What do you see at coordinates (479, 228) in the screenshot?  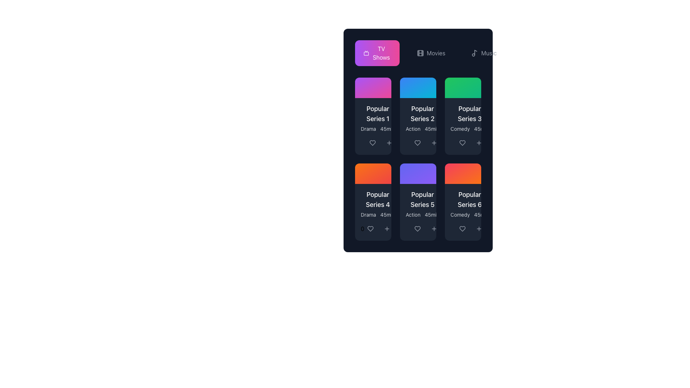 I see `the small interactive plus sign button located at the bottom-right corner of the 'Popular Series 6' card, which changes color to white when hovered over` at bounding box center [479, 228].